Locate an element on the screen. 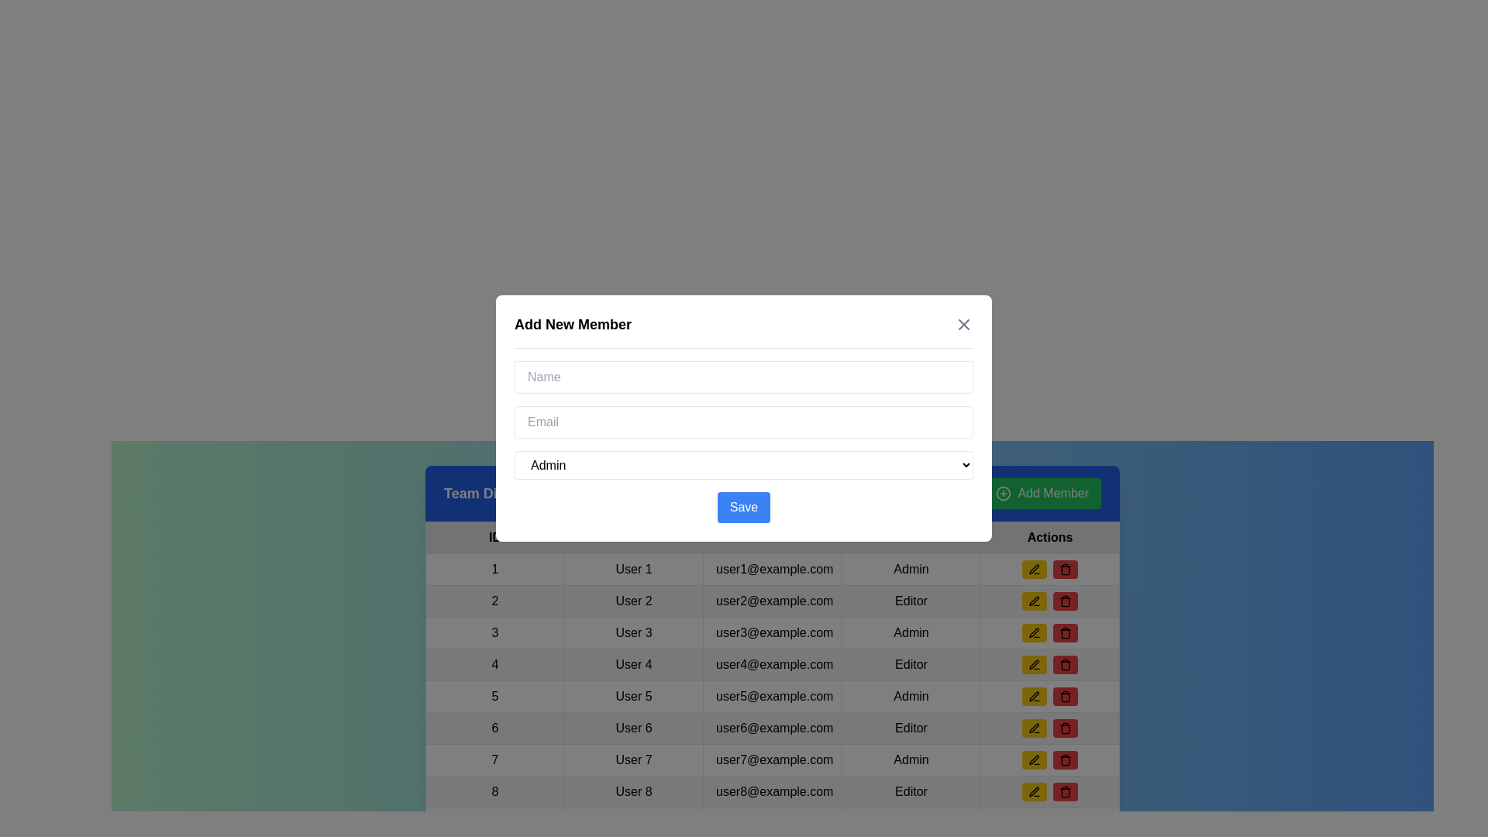  the 'Editor' text label, which indicates the role or status of the associated user in the fourth column of the table is located at coordinates (911, 600).